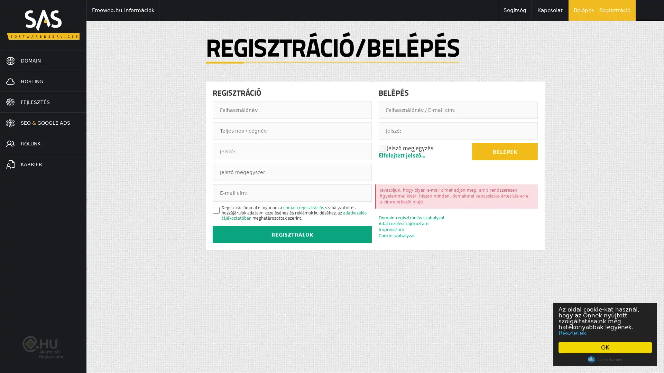 This screenshot has height=373, width=664. I want to click on REGISZTRALOK, so click(292, 234).